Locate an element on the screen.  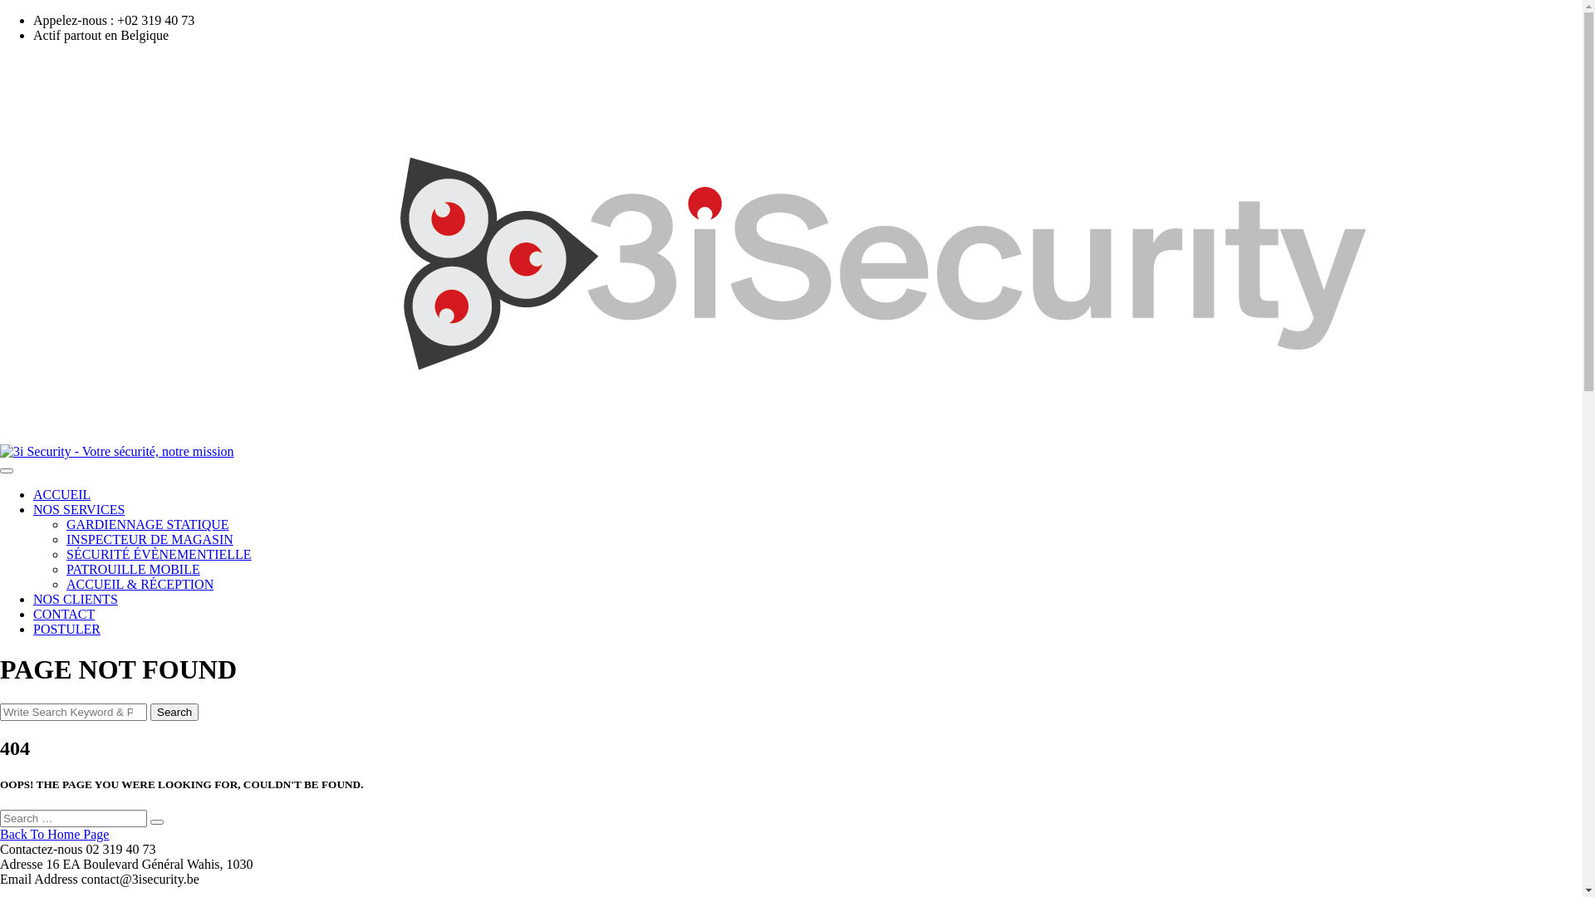
'CONTACT' is located at coordinates (63, 614).